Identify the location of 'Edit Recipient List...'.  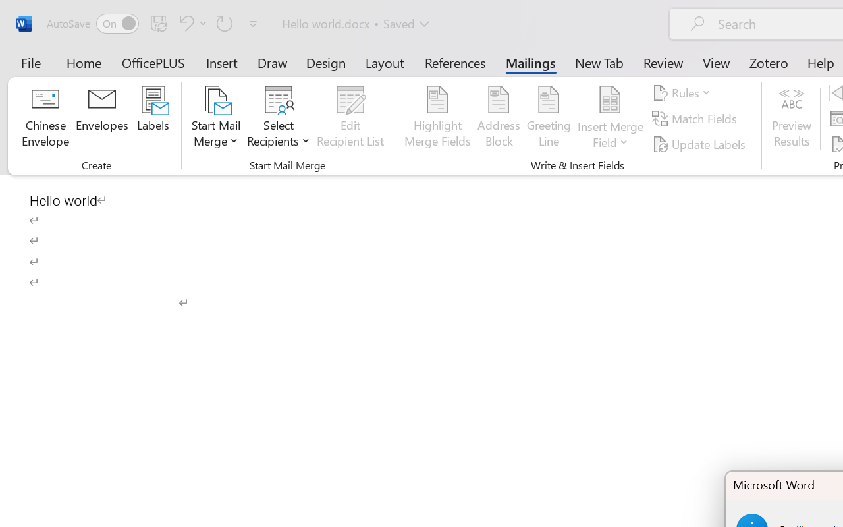
(350, 118).